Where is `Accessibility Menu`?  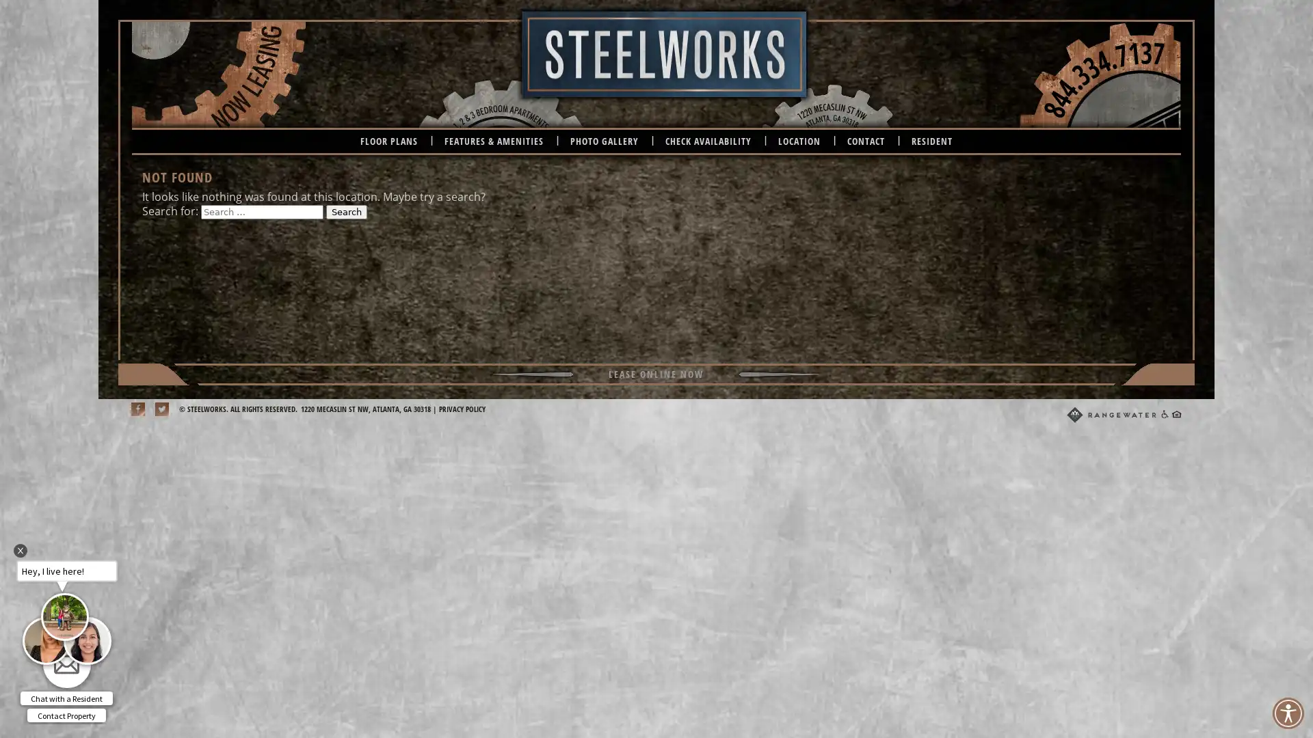 Accessibility Menu is located at coordinates (1287, 713).